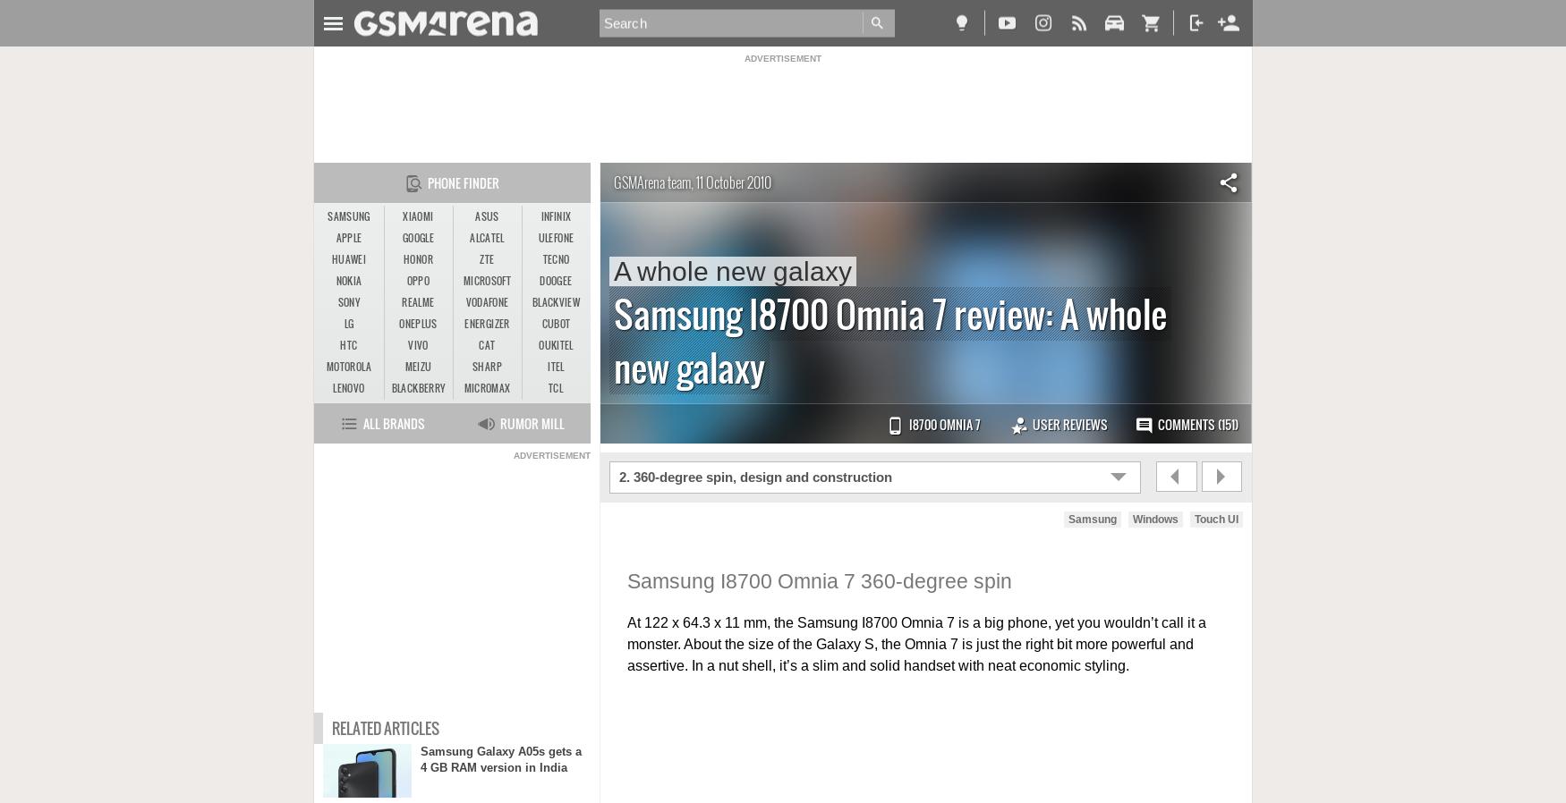 The image size is (1566, 803). I want to click on 'Sharp', so click(486, 367).